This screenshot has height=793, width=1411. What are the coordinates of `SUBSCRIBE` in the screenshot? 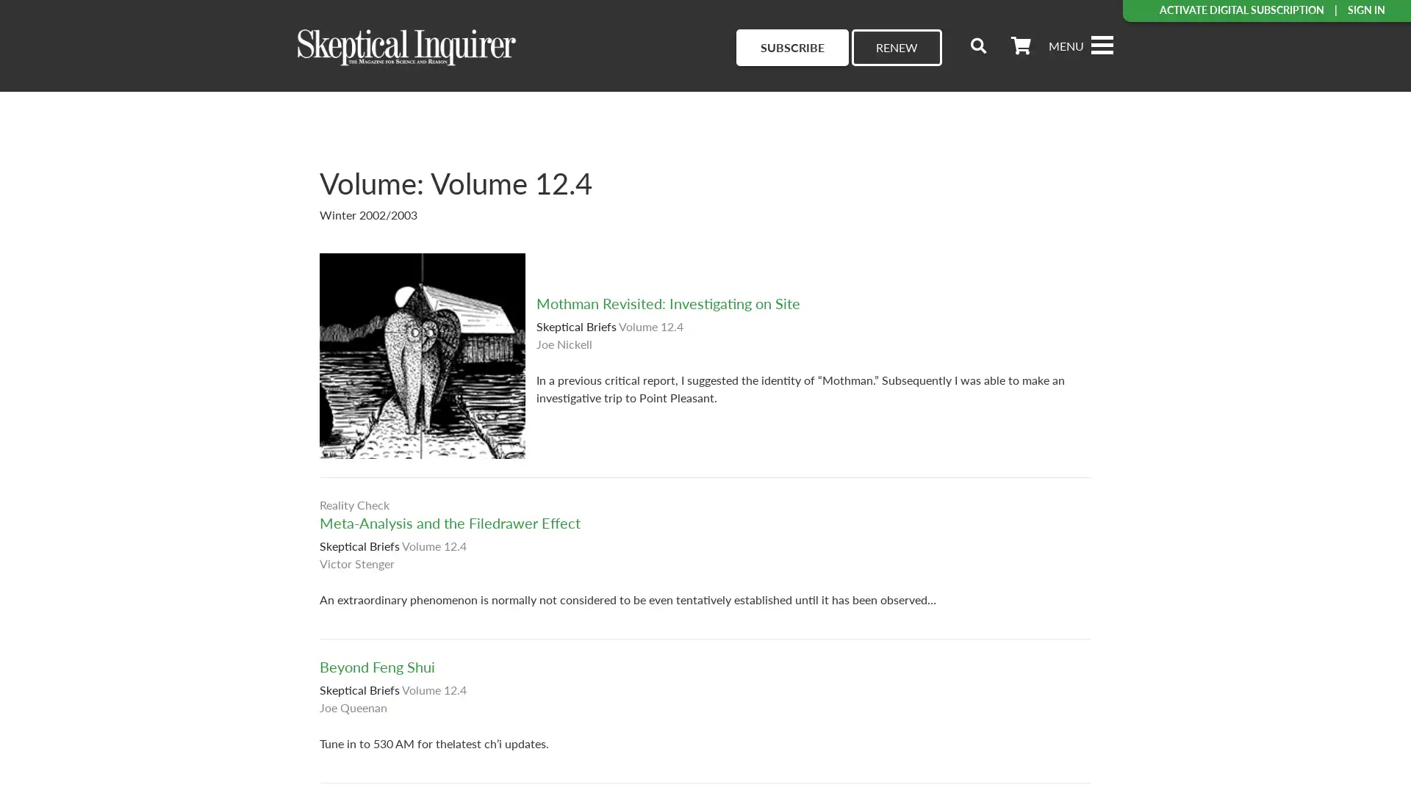 It's located at (791, 47).